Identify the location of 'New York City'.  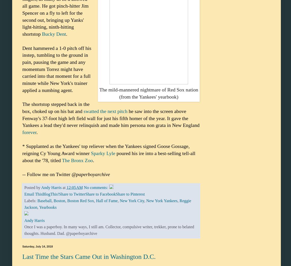
(132, 200).